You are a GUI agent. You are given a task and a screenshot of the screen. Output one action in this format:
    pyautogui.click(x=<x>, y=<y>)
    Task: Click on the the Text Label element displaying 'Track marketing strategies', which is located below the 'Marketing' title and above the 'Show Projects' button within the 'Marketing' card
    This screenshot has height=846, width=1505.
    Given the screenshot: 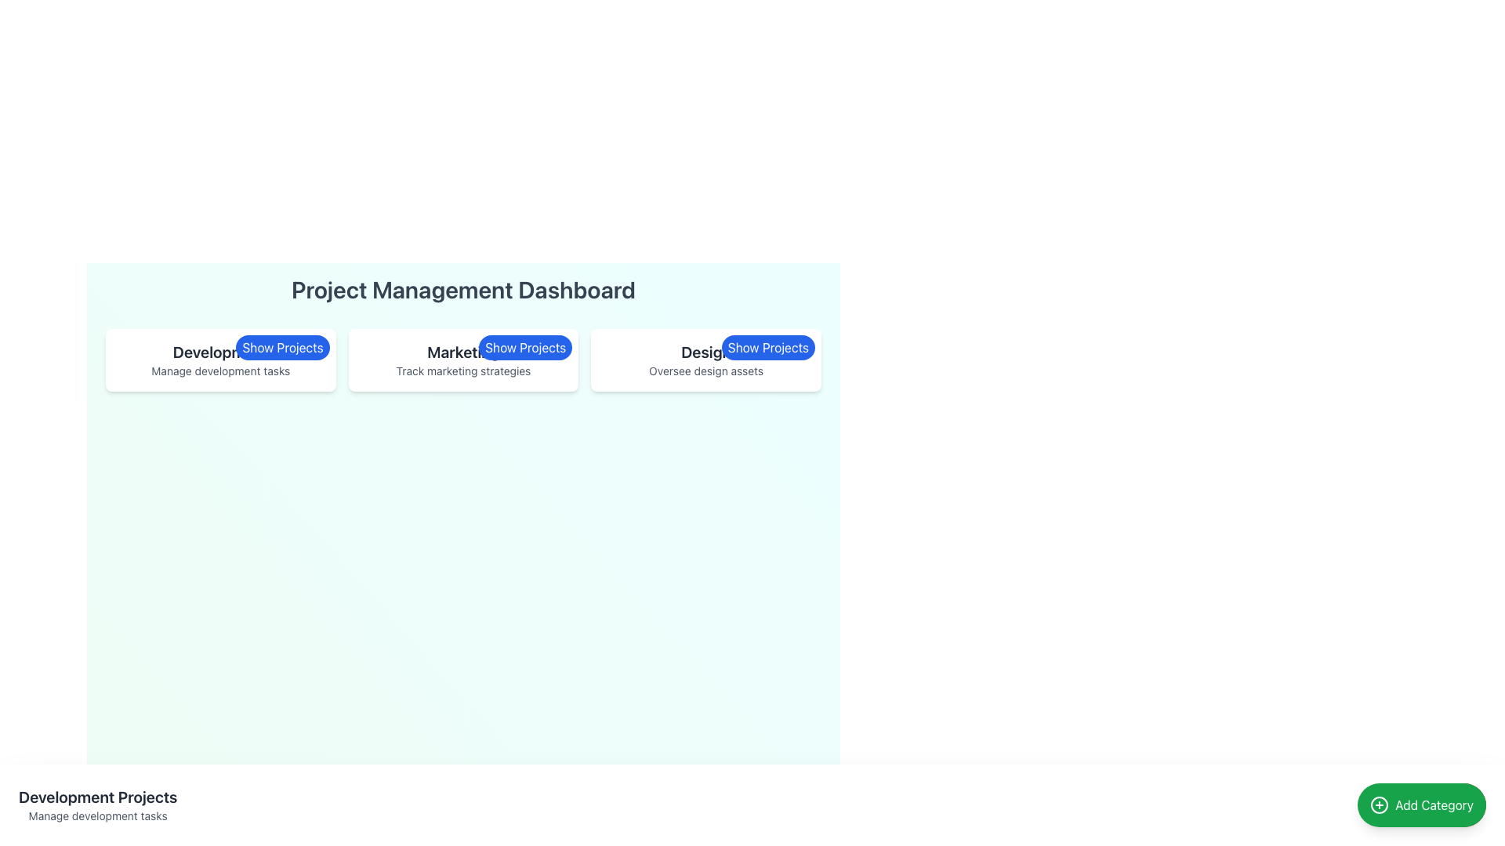 What is the action you would take?
    pyautogui.click(x=462, y=371)
    